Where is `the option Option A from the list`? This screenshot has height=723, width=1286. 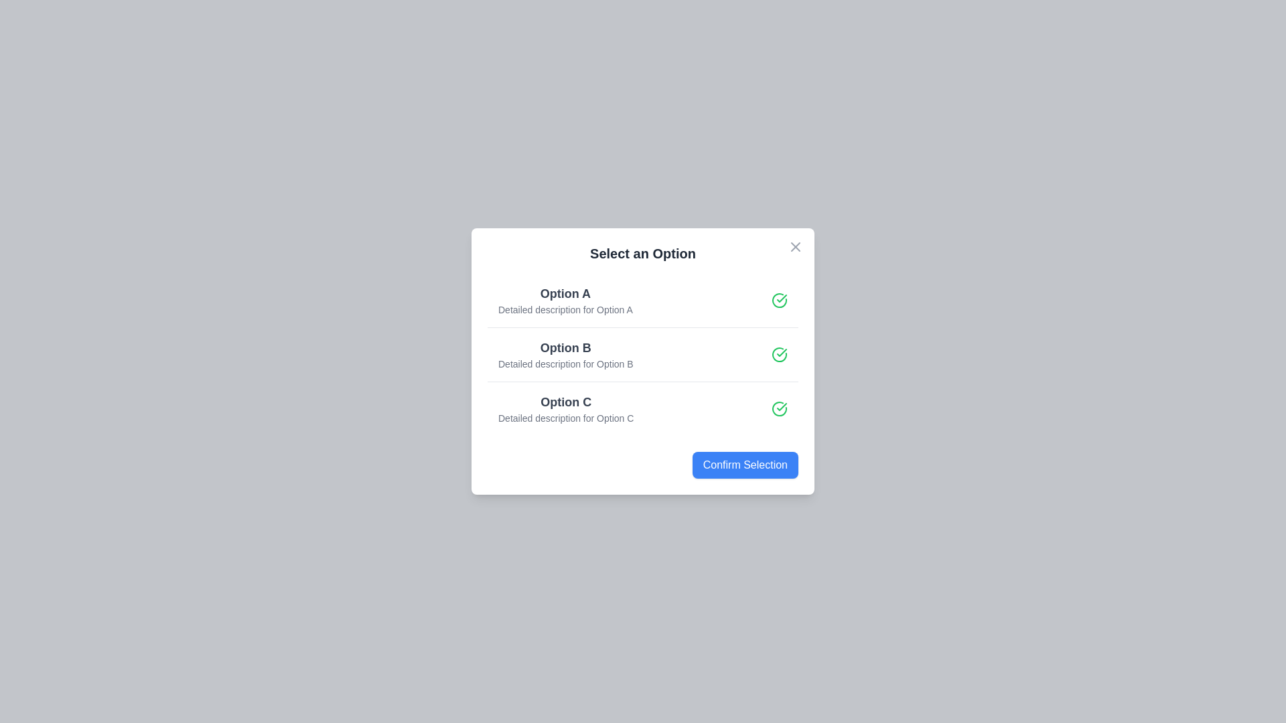
the option Option A from the list is located at coordinates (643, 299).